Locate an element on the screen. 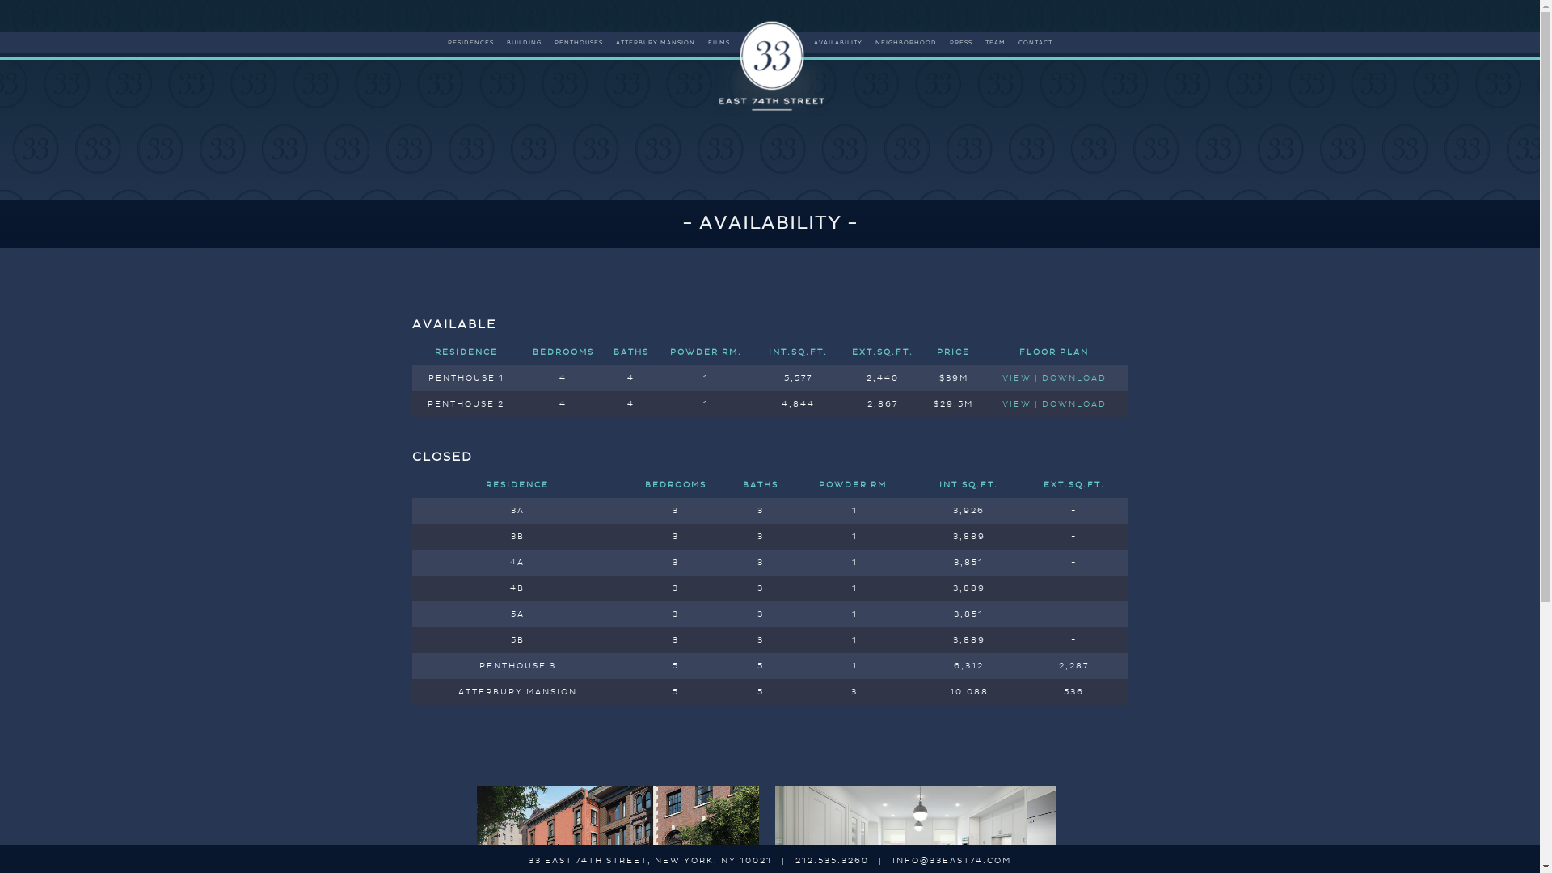 The image size is (1552, 873). 'RESIDENCES' is located at coordinates (470, 42).